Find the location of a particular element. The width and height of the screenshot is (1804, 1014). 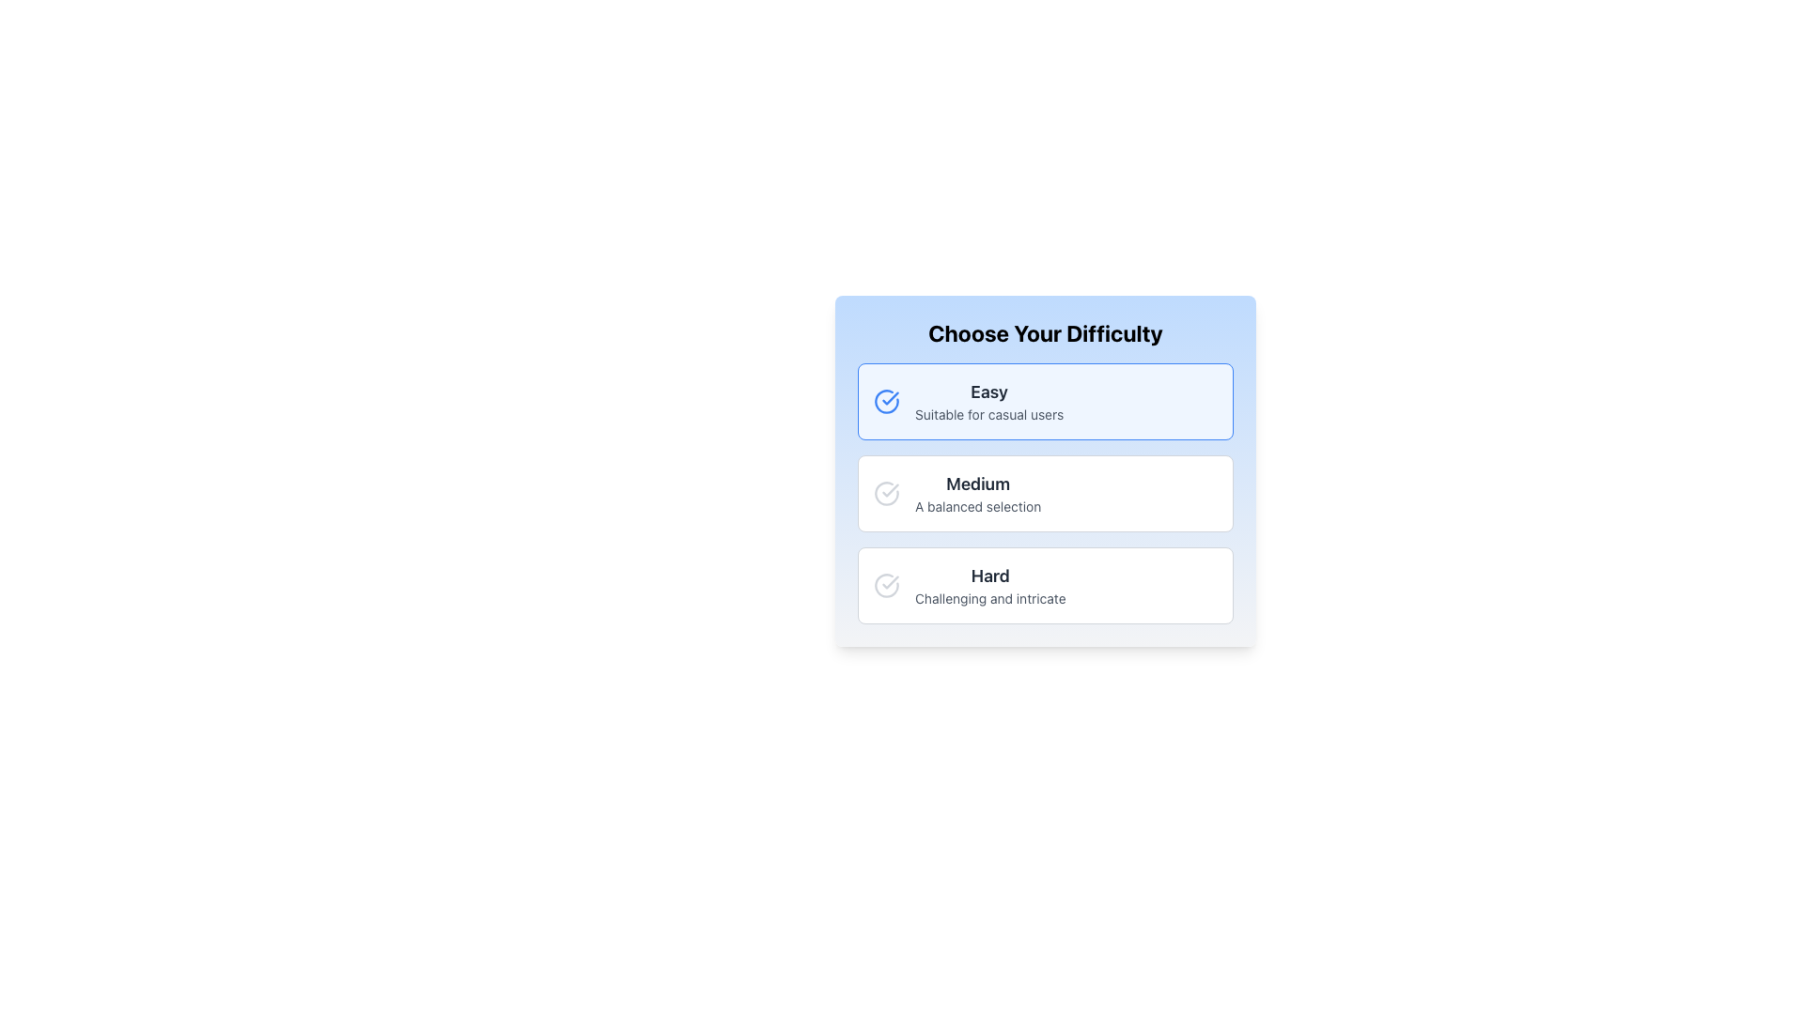

the text label reading 'Hard', which is styled in bold and large font, located below the heading 'Choose Your Difficulty' in the third selectable option of the difficulty selection list is located at coordinates (989, 575).